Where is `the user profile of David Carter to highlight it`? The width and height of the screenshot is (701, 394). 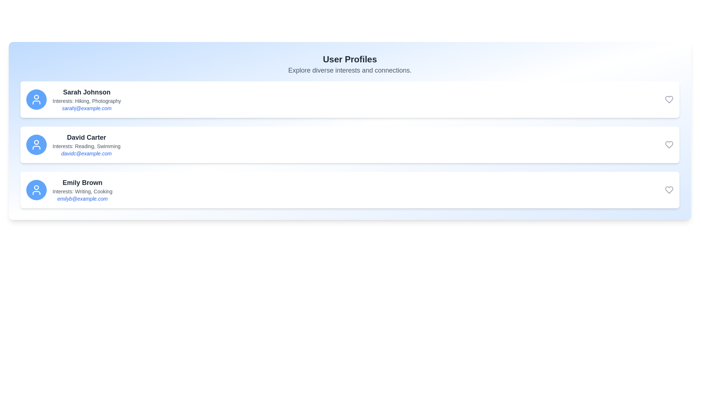
the user profile of David Carter to highlight it is located at coordinates (349, 145).